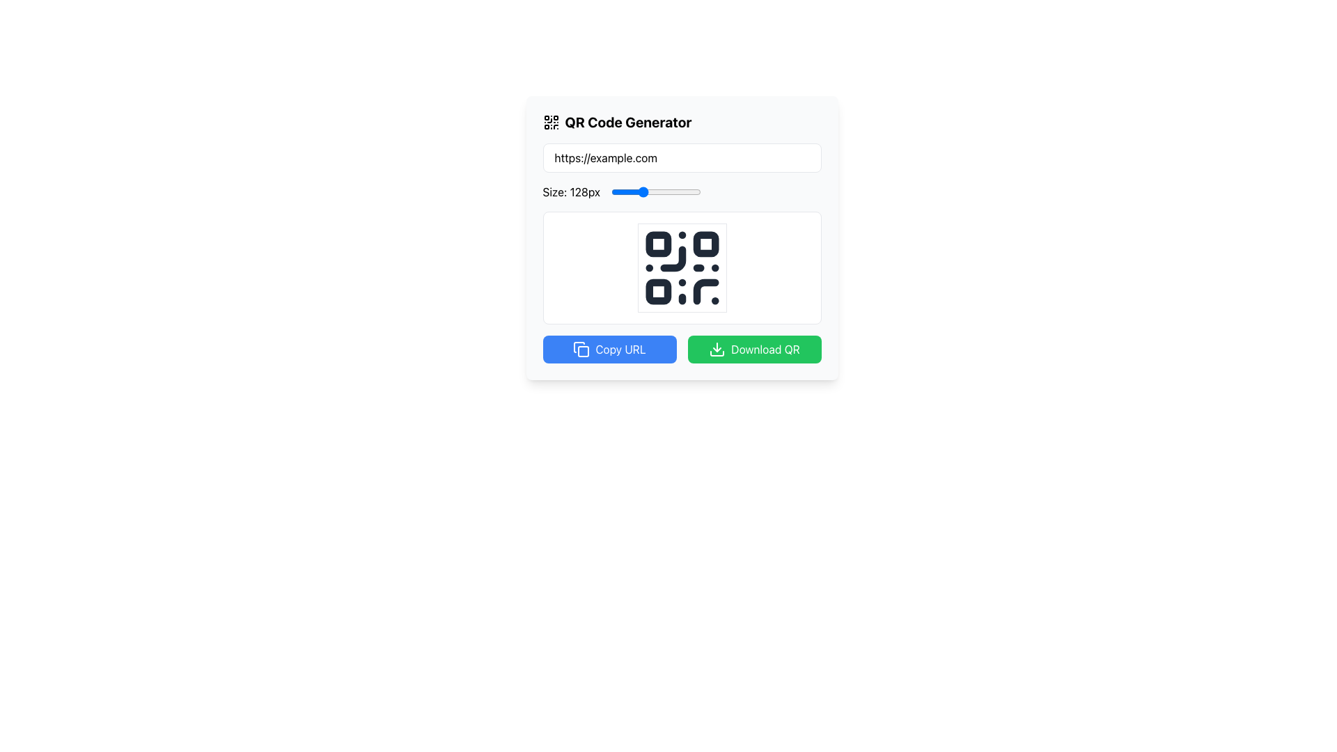  Describe the element at coordinates (717, 348) in the screenshot. I see `the download icon located within the green 'Download QR' button at the bottom-right section of the interface` at that location.